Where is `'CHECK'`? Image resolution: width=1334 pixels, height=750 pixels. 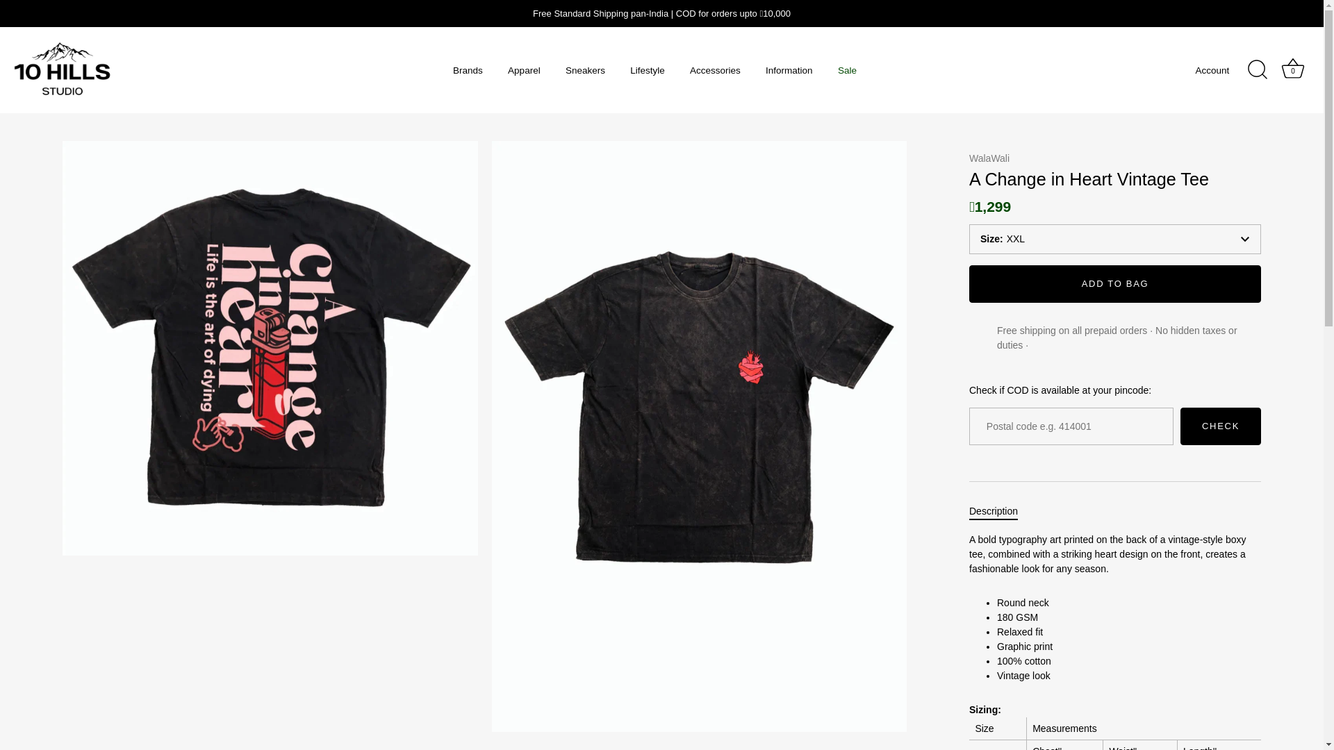
'CHECK' is located at coordinates (1219, 425).